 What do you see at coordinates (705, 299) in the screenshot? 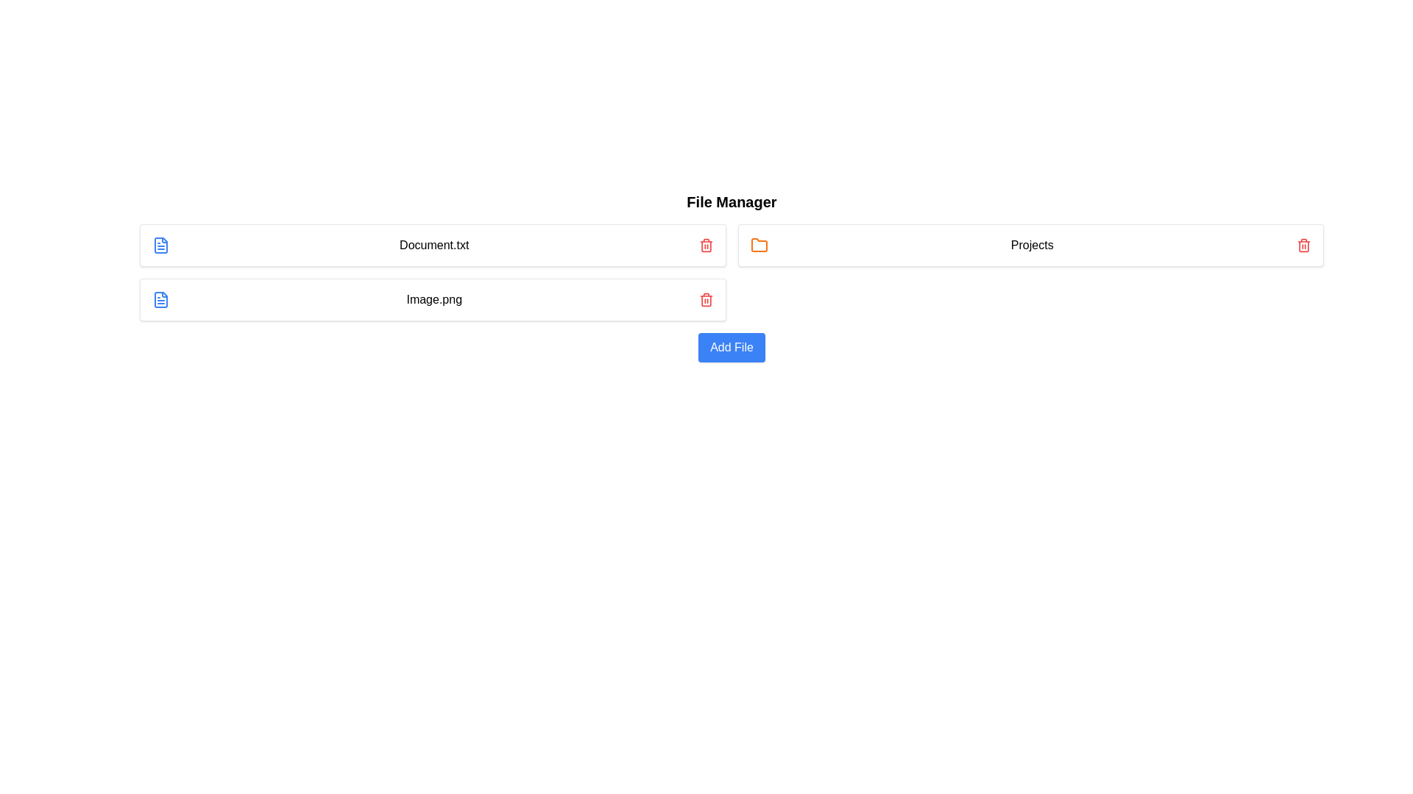
I see `the red trashcan icon button located at the far right end of the row containing the text 'Image.png'` at bounding box center [705, 299].